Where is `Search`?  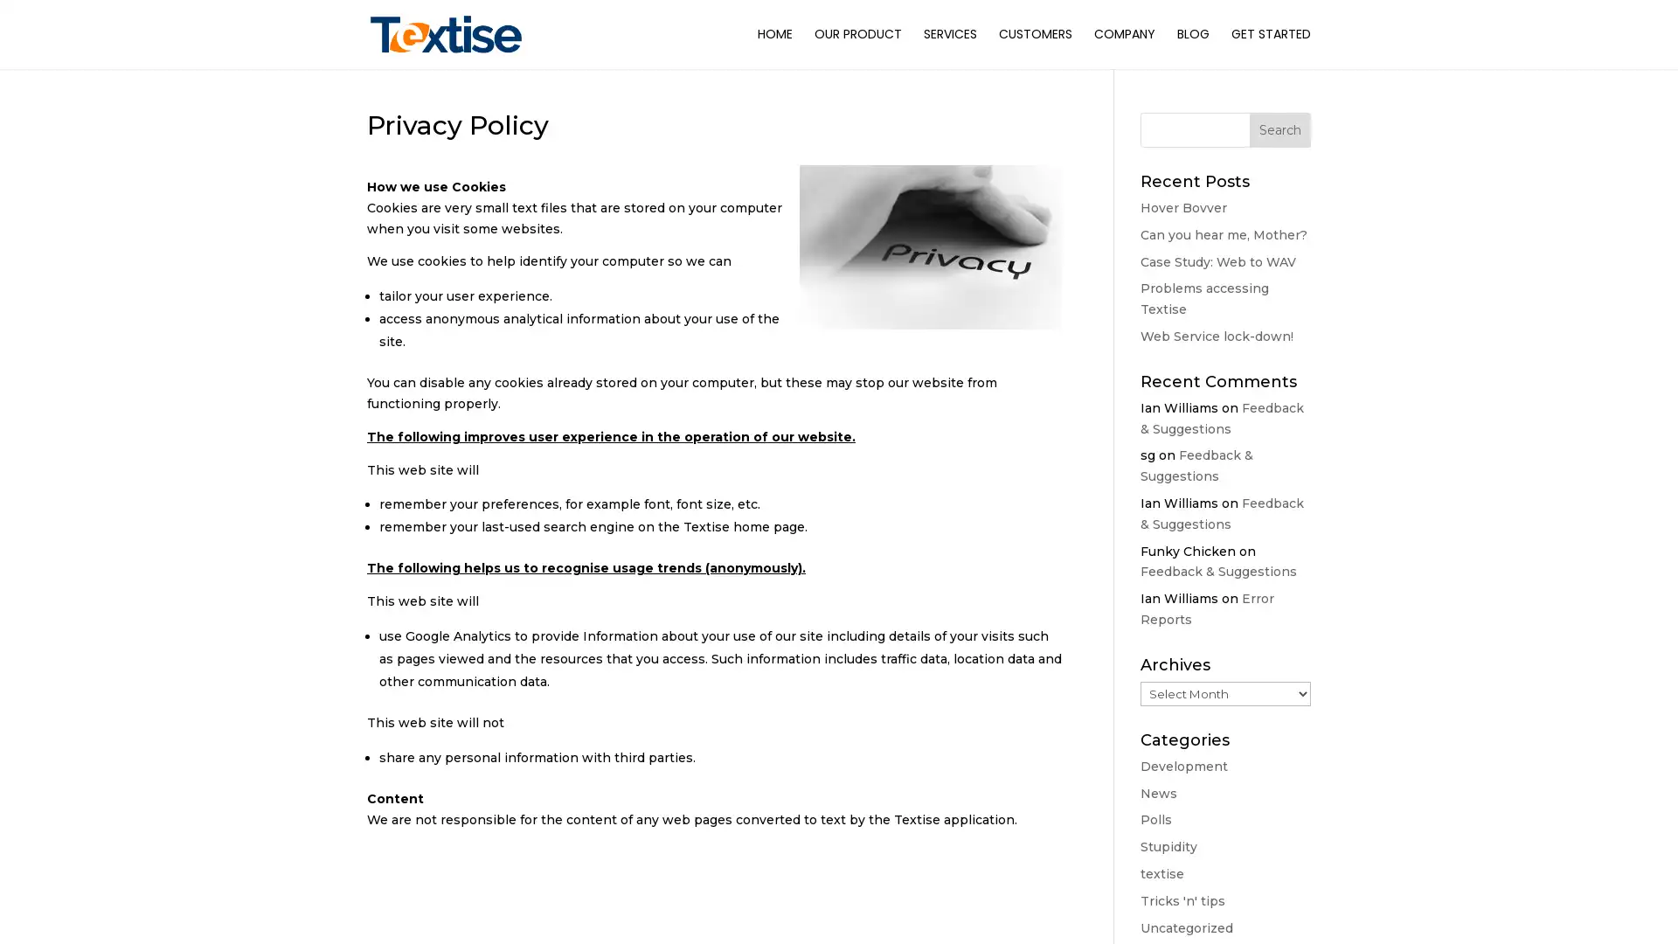 Search is located at coordinates (1279, 129).